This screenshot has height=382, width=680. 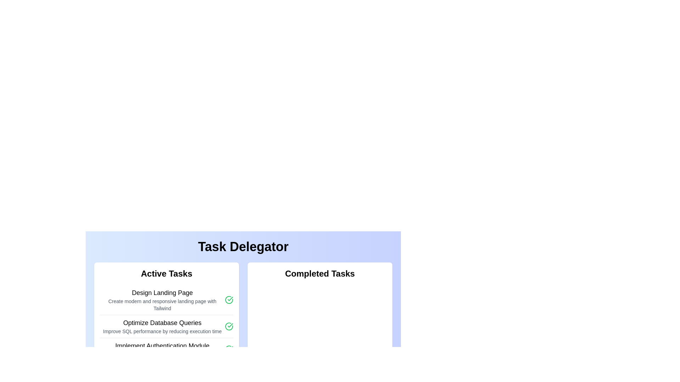 I want to click on the text label that reads 'Create modern and responsive landing page with Tailwind', located beneath the heading 'Design Landing Page' in the 'Active Tasks' section of the interface, so click(x=162, y=304).